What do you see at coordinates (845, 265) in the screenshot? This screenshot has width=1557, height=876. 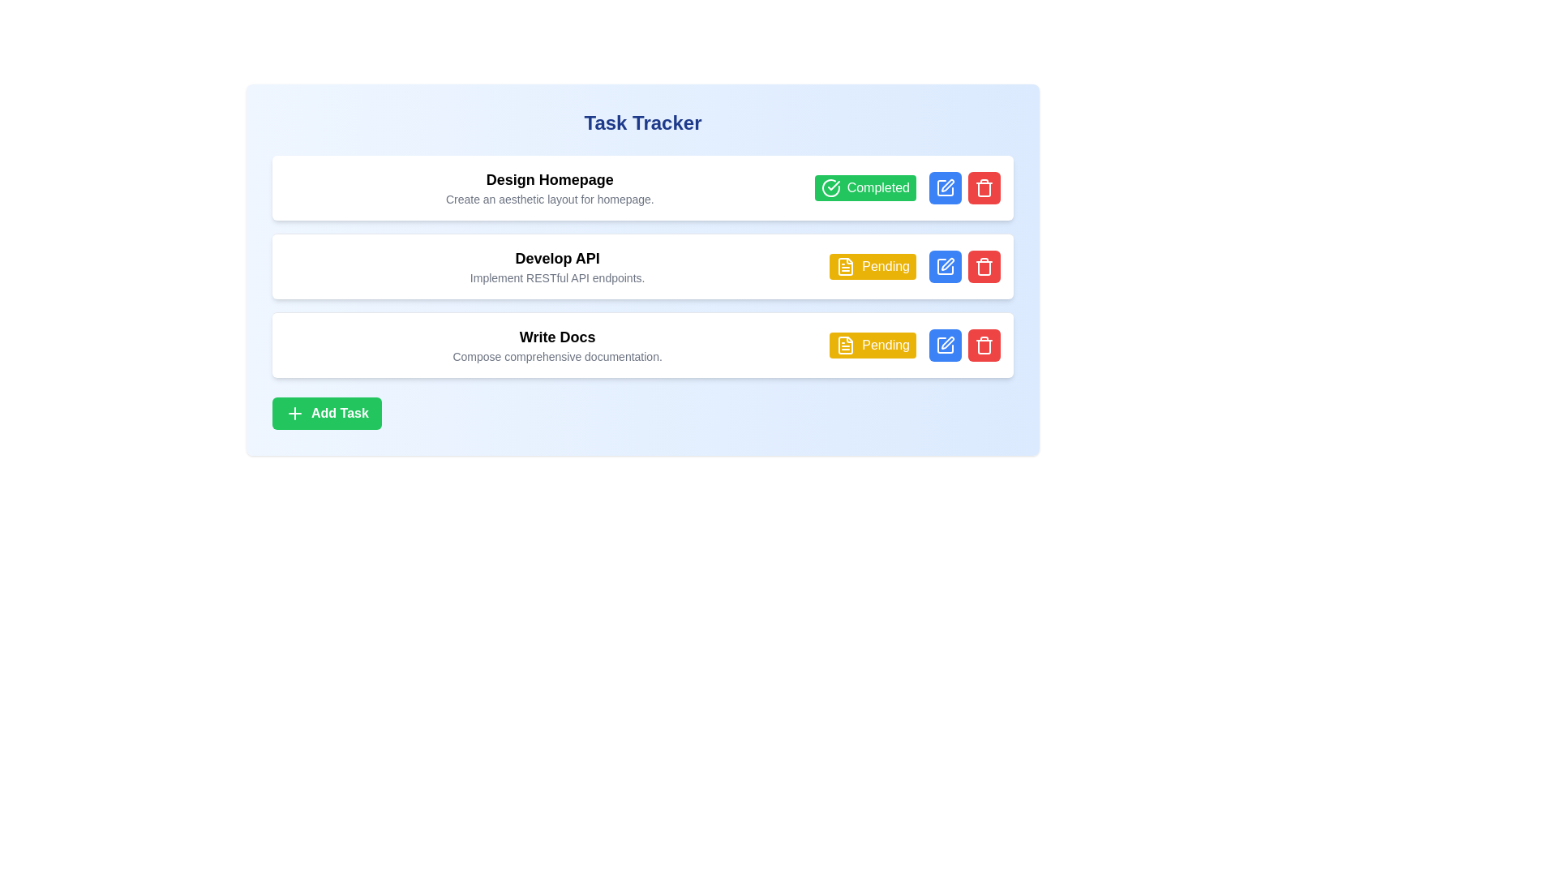 I see `the document icon, which resembles a document with horizontal lines, located to the left of the 'Pending' label in the 'Develop API' task` at bounding box center [845, 265].